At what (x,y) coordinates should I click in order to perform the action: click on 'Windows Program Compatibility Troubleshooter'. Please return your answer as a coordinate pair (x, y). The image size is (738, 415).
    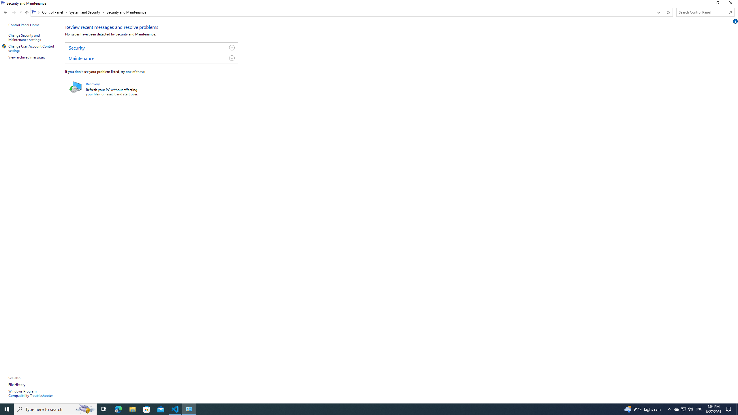
    Looking at the image, I should click on (30, 393).